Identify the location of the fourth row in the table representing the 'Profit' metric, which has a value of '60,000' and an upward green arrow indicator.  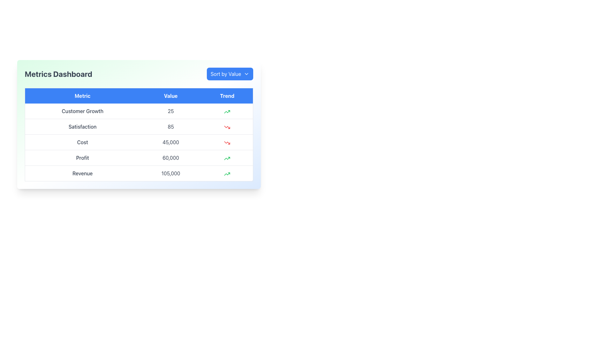
(139, 158).